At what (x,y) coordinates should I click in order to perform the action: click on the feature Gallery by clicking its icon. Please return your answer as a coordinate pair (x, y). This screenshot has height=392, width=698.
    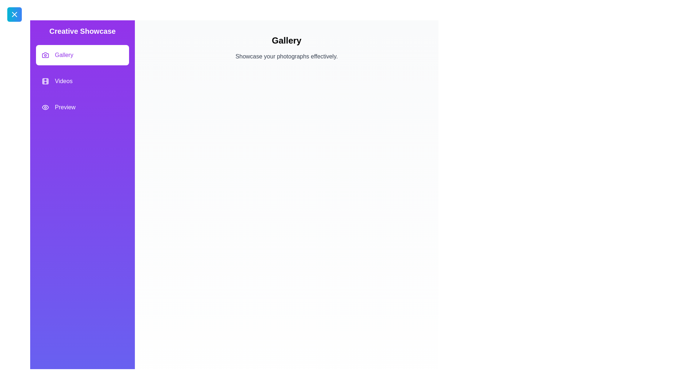
    Looking at the image, I should click on (45, 54).